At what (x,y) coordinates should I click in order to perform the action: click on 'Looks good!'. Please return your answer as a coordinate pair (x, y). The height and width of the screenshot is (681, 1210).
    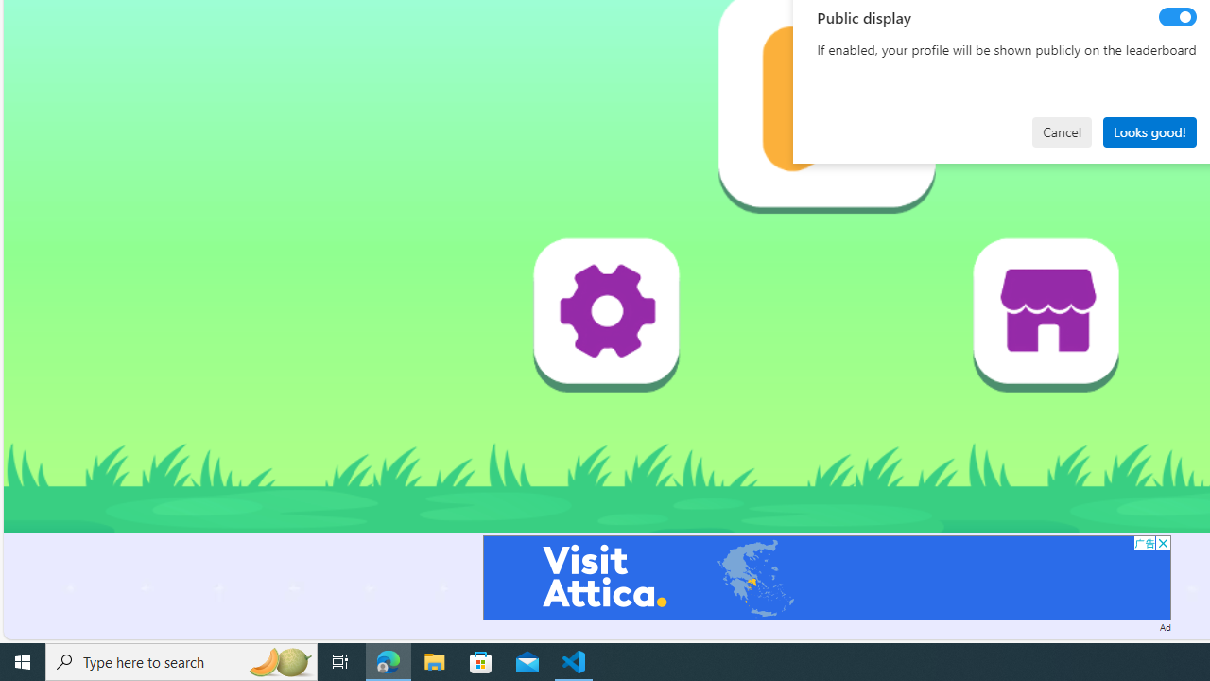
    Looking at the image, I should click on (1149, 131).